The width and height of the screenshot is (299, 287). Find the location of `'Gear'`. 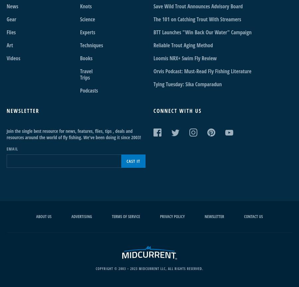

'Gear' is located at coordinates (6, 19).